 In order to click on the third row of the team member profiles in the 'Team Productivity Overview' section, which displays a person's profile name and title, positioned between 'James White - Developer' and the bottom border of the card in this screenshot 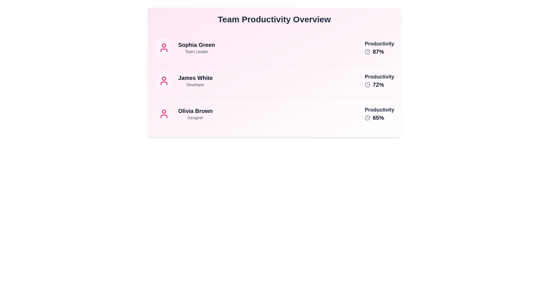, I will do `click(195, 114)`.